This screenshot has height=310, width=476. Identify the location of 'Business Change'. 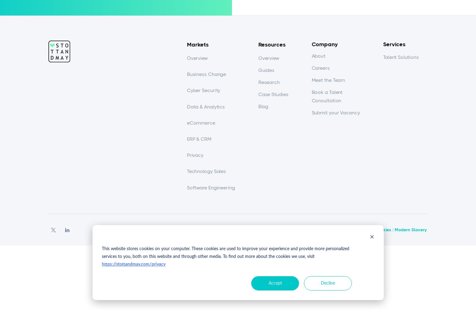
(206, 74).